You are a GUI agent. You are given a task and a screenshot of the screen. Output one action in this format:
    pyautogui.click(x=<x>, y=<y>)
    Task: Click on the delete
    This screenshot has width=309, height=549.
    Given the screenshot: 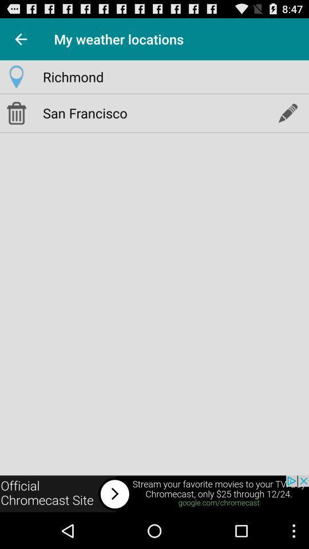 What is the action you would take?
    pyautogui.click(x=16, y=113)
    